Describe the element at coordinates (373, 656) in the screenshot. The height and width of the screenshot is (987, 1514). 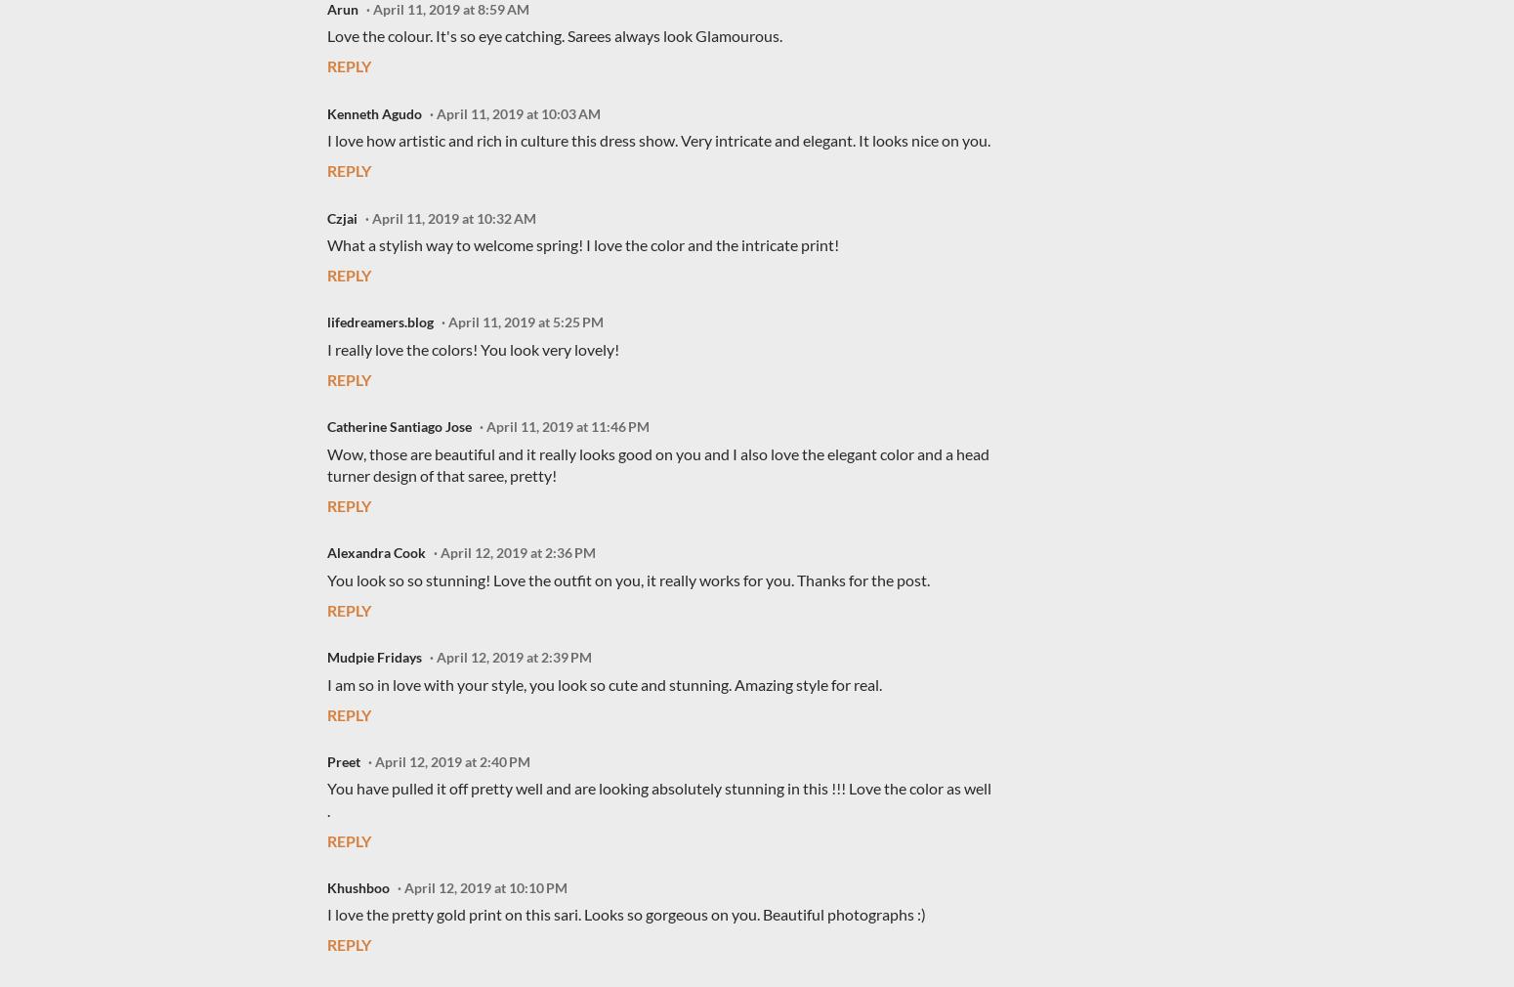
I see `'Mudpie Fridays'` at that location.